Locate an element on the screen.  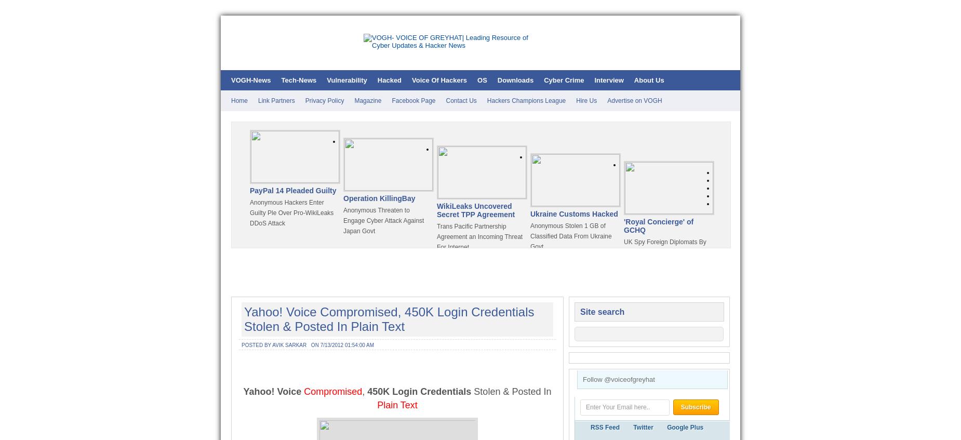
'450K Login Credentials' is located at coordinates (367, 391).